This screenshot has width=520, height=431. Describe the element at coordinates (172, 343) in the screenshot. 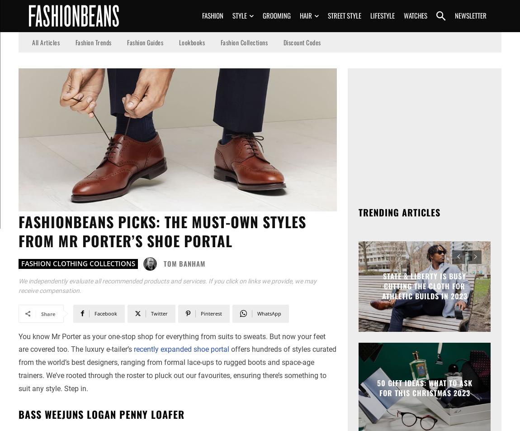

I see `'You know Mr Porter as your one-stop shop for everything from suits to sweats. But now your feet are covered too. The luxury e-tailer’s'` at that location.